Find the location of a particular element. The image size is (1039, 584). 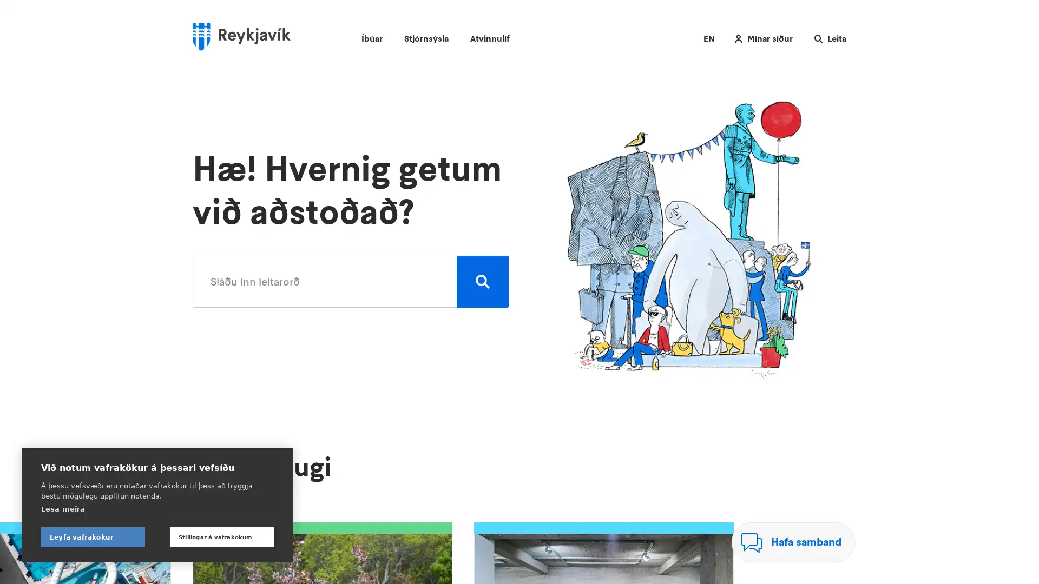

Hafa samband is located at coordinates (793, 542).